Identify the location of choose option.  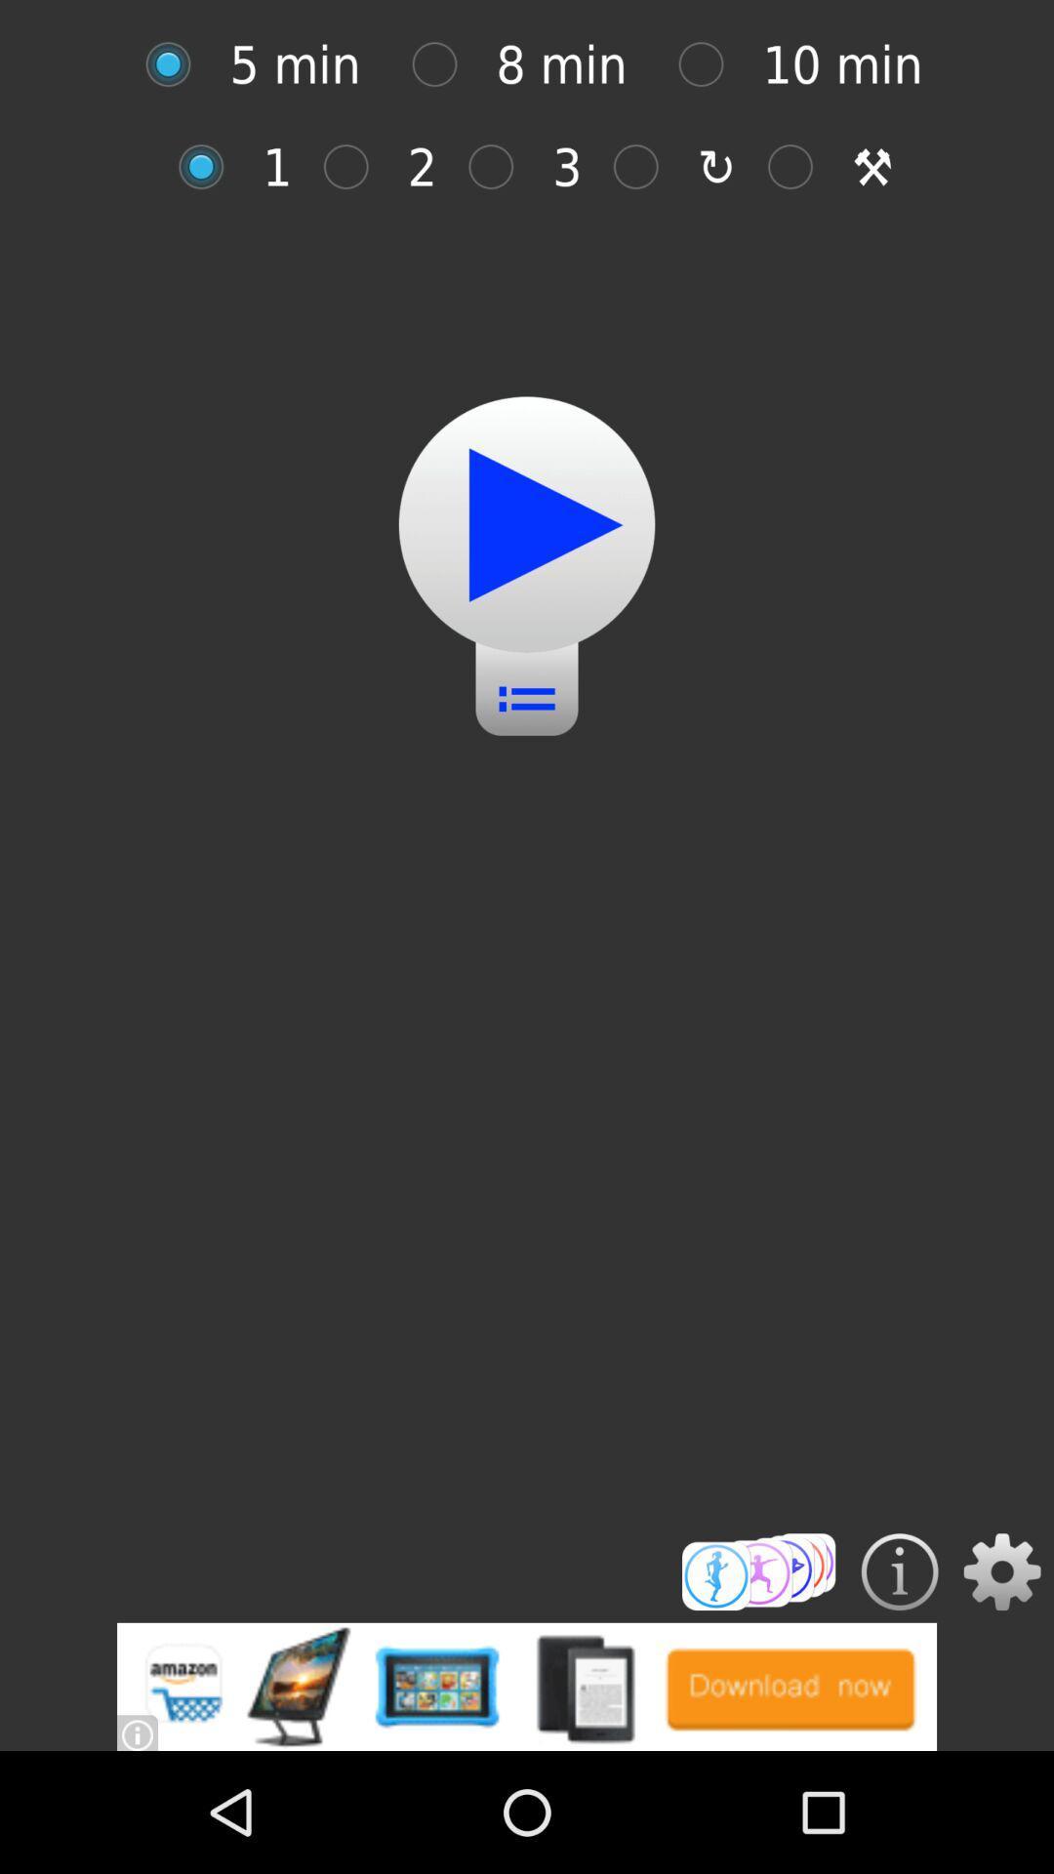
(800, 167).